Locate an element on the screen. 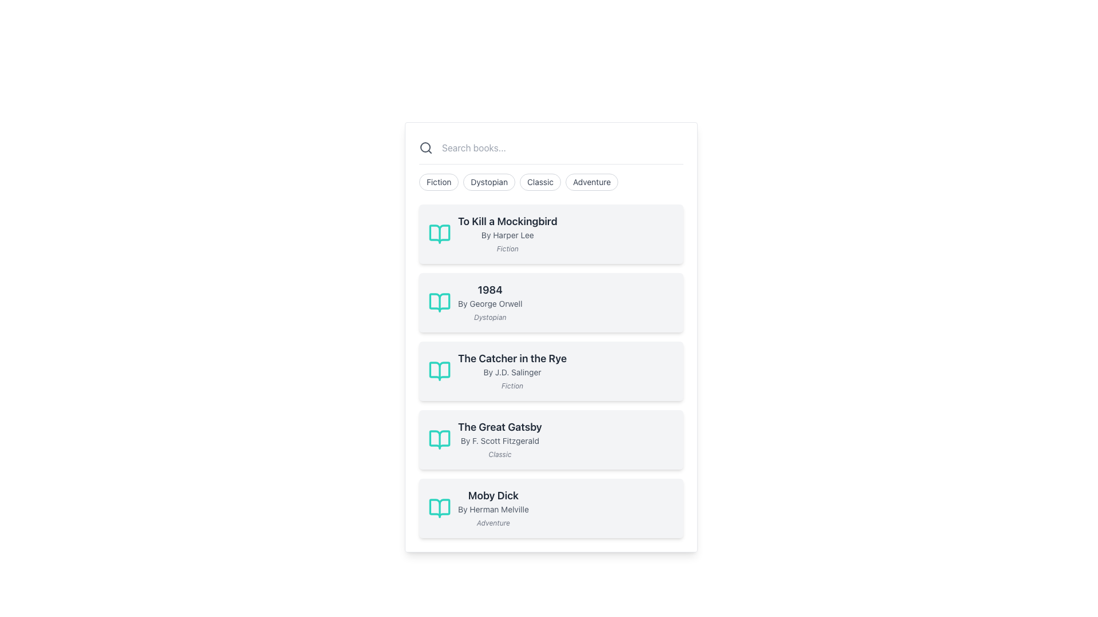 The height and width of the screenshot is (617, 1098). the Static Text Label element labeled 'Fiction', which is styled in gray and italicized, located below the text 'By J.D. Salinger' is located at coordinates (512, 386).